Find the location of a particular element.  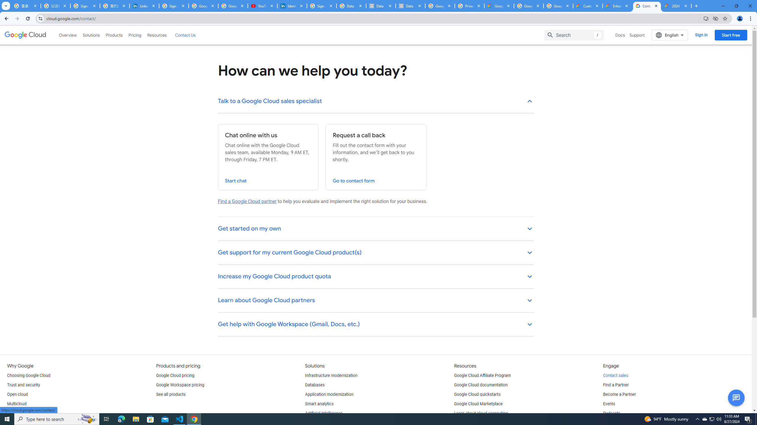

'Google Cloud Marketplace' is located at coordinates (478, 404).